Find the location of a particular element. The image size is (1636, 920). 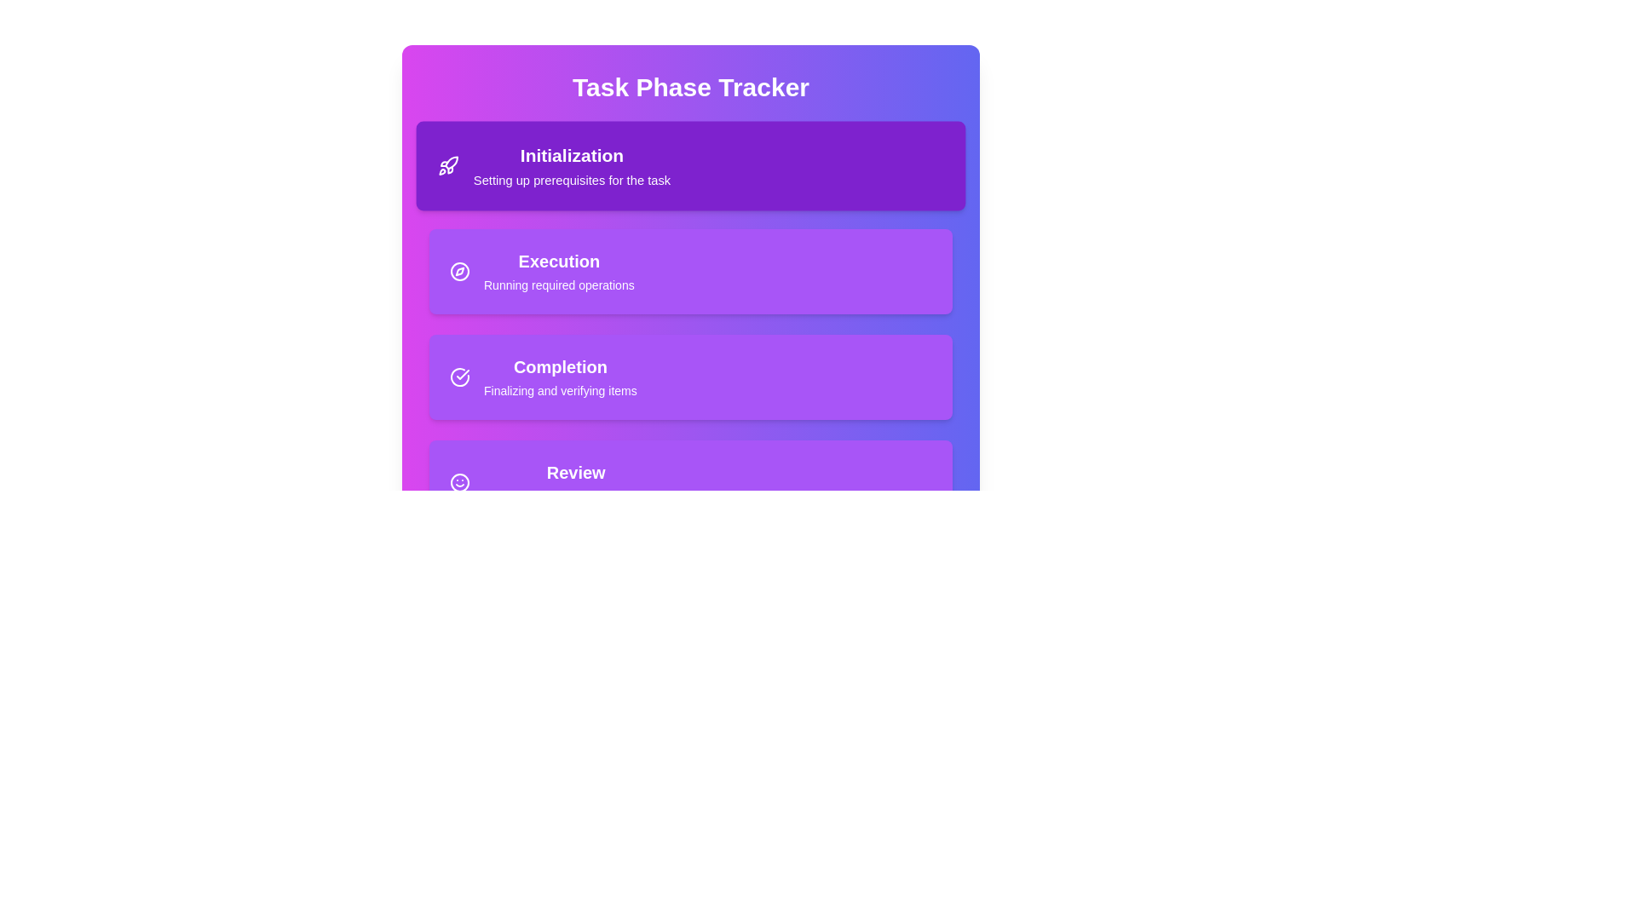

text label that provides descriptive information for the 'Initialization' phase in the task phase tracker, located directly below the title 'Initialization' is located at coordinates (572, 180).